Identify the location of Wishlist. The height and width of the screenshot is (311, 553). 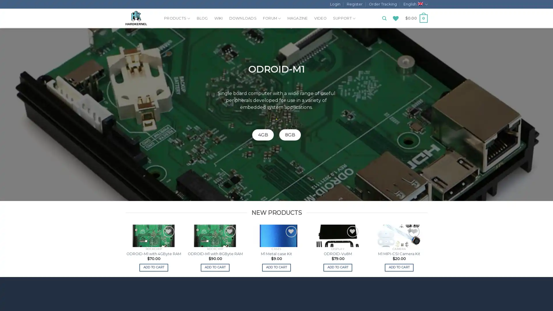
(107, 231).